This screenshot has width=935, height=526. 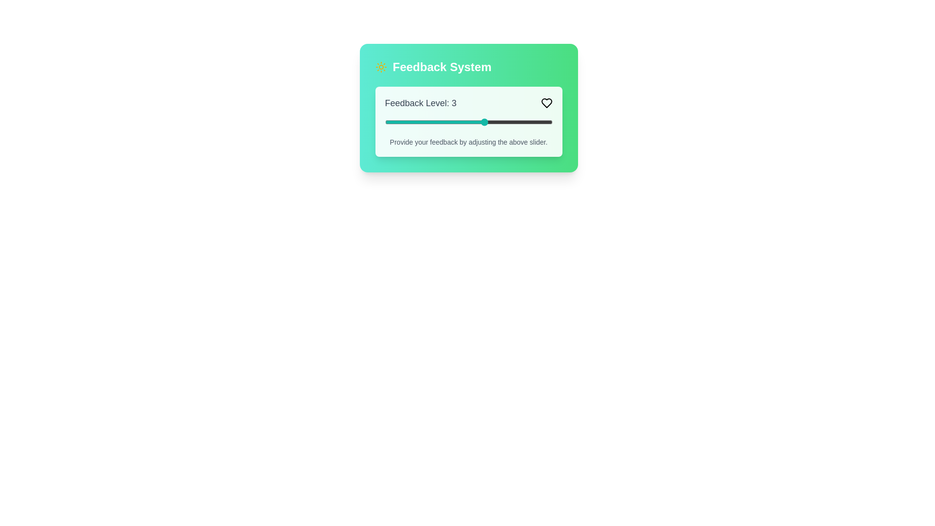 I want to click on the feedback slider to set the feedback level to 0, so click(x=384, y=121).